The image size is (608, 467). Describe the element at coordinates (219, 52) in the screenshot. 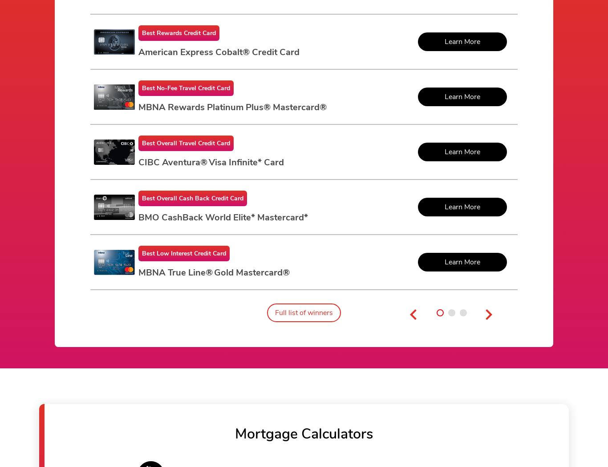

I see `'American Express Cobalt® Credit Card'` at that location.